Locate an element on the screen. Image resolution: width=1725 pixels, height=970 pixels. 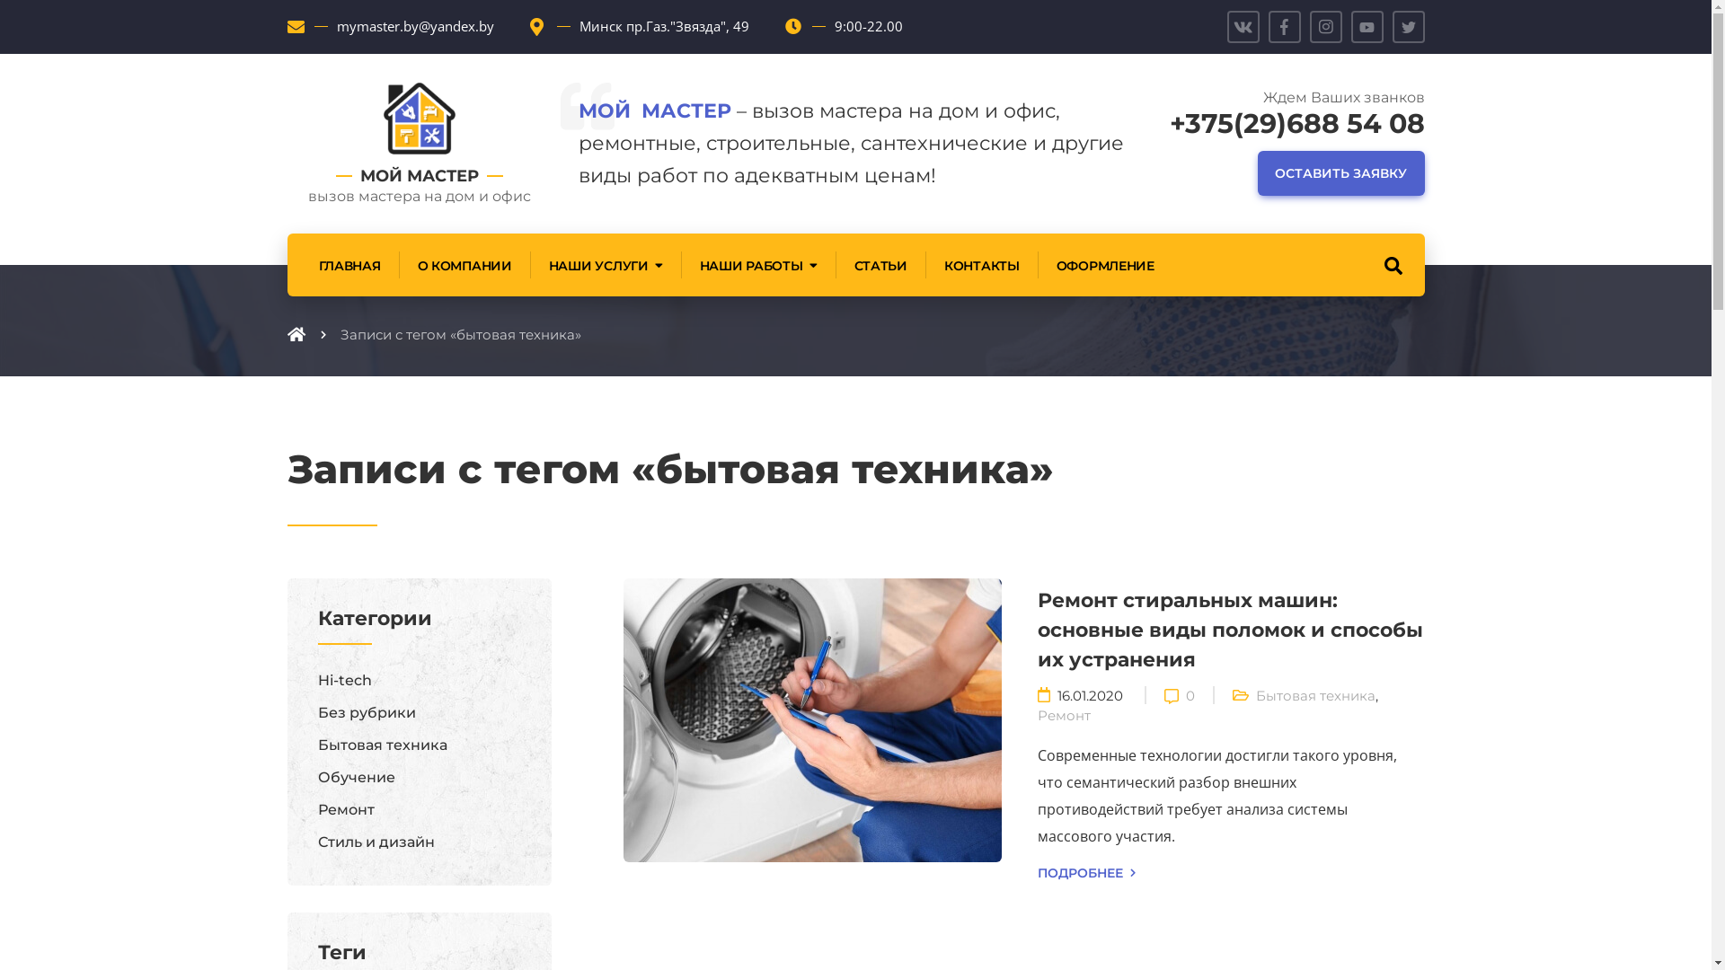
'YouTube' is located at coordinates (1366, 27).